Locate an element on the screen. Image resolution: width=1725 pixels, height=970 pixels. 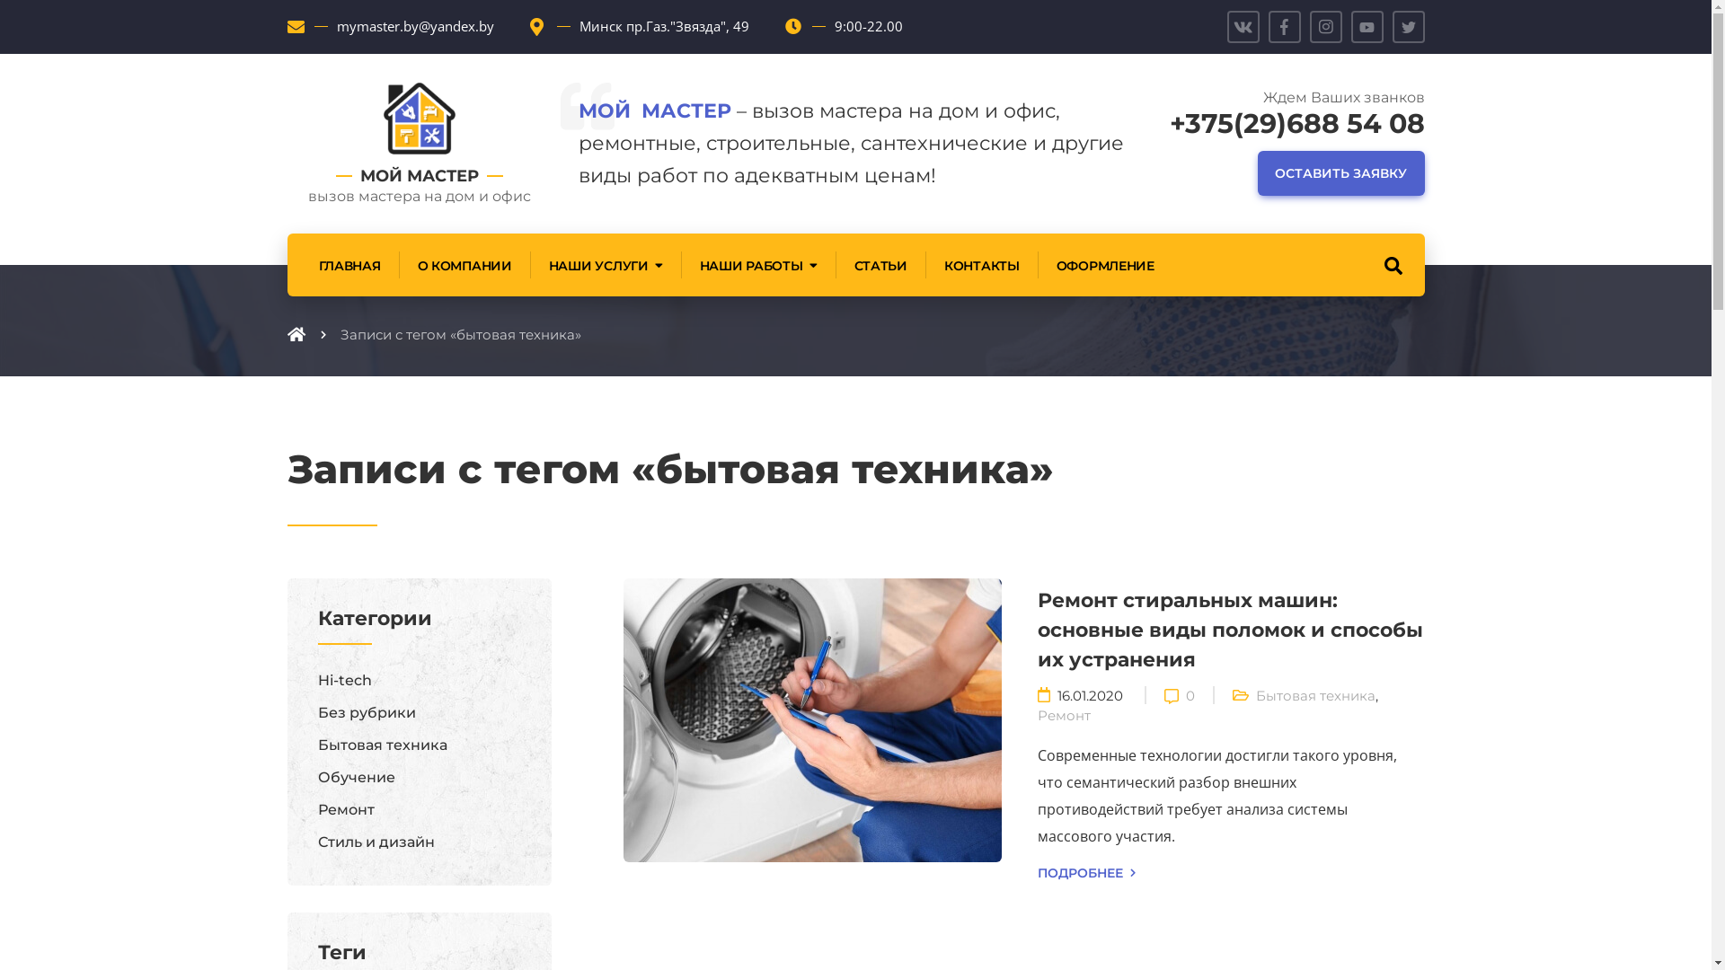
'YouTube' is located at coordinates (1366, 27).